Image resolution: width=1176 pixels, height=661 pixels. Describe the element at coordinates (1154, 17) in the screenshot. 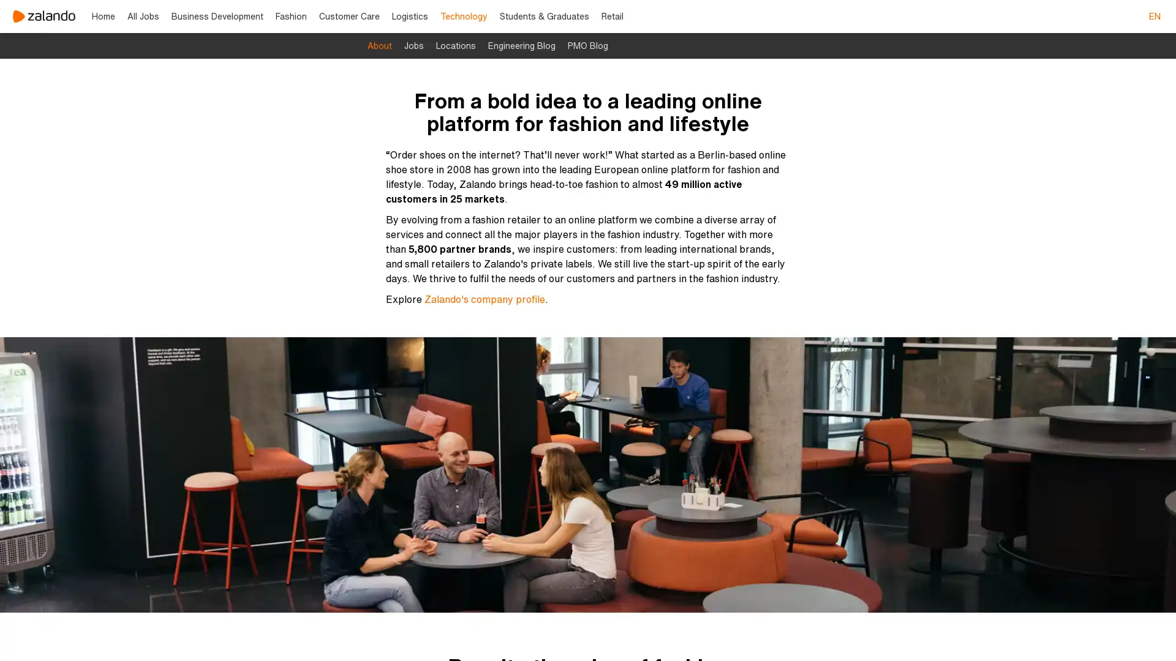

I see `EN` at that location.